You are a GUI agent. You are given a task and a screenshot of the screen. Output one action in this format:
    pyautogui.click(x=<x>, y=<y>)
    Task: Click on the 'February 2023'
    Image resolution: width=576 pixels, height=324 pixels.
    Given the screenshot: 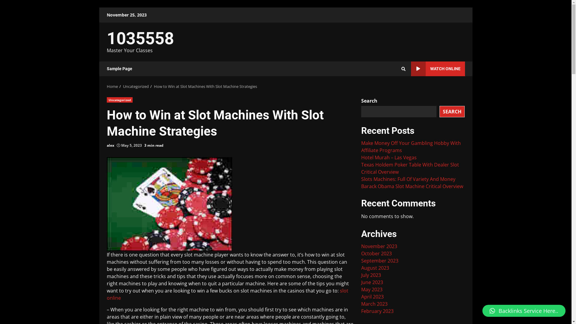 What is the action you would take?
    pyautogui.click(x=361, y=311)
    